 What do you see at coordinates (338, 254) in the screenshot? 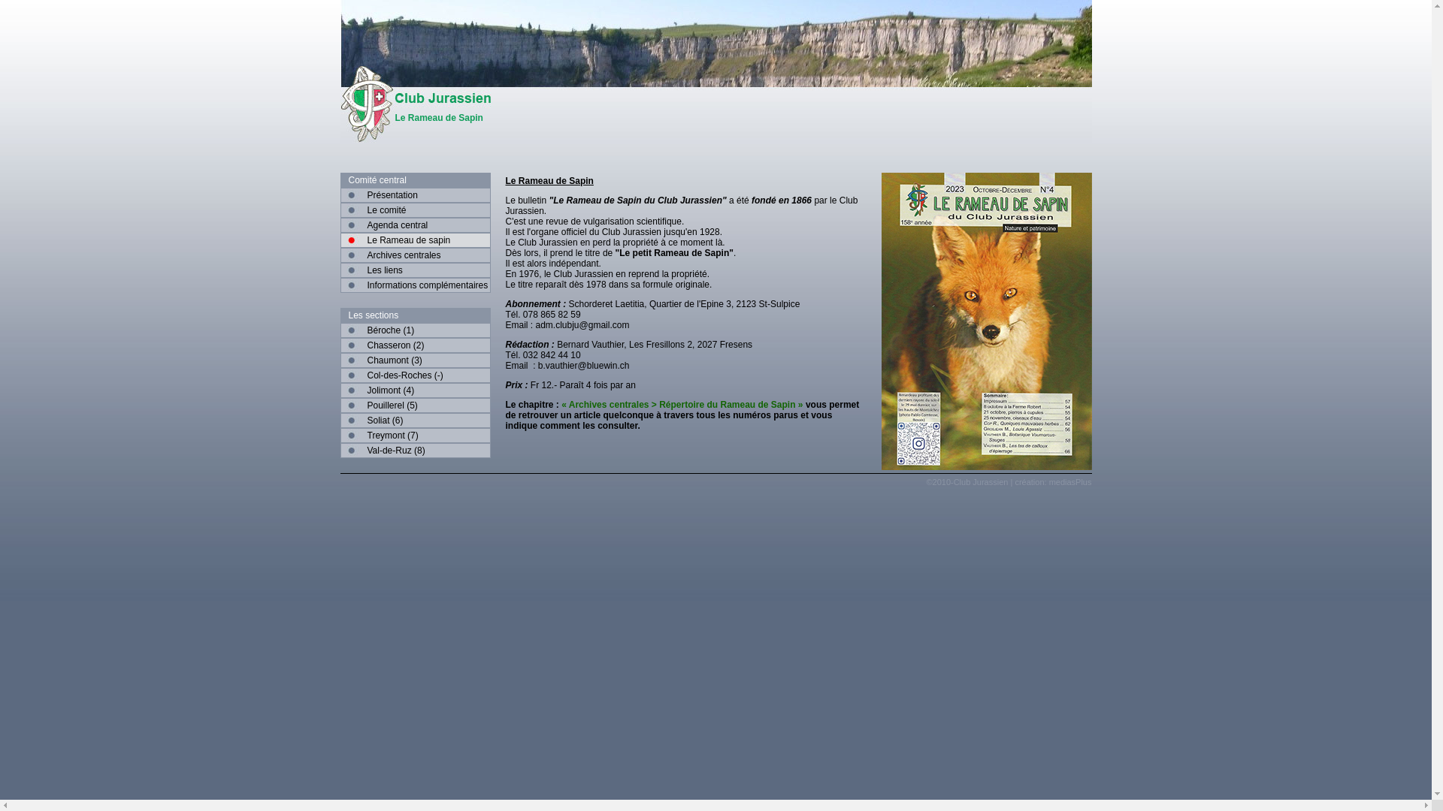
I see `'Archives centrales'` at bounding box center [338, 254].